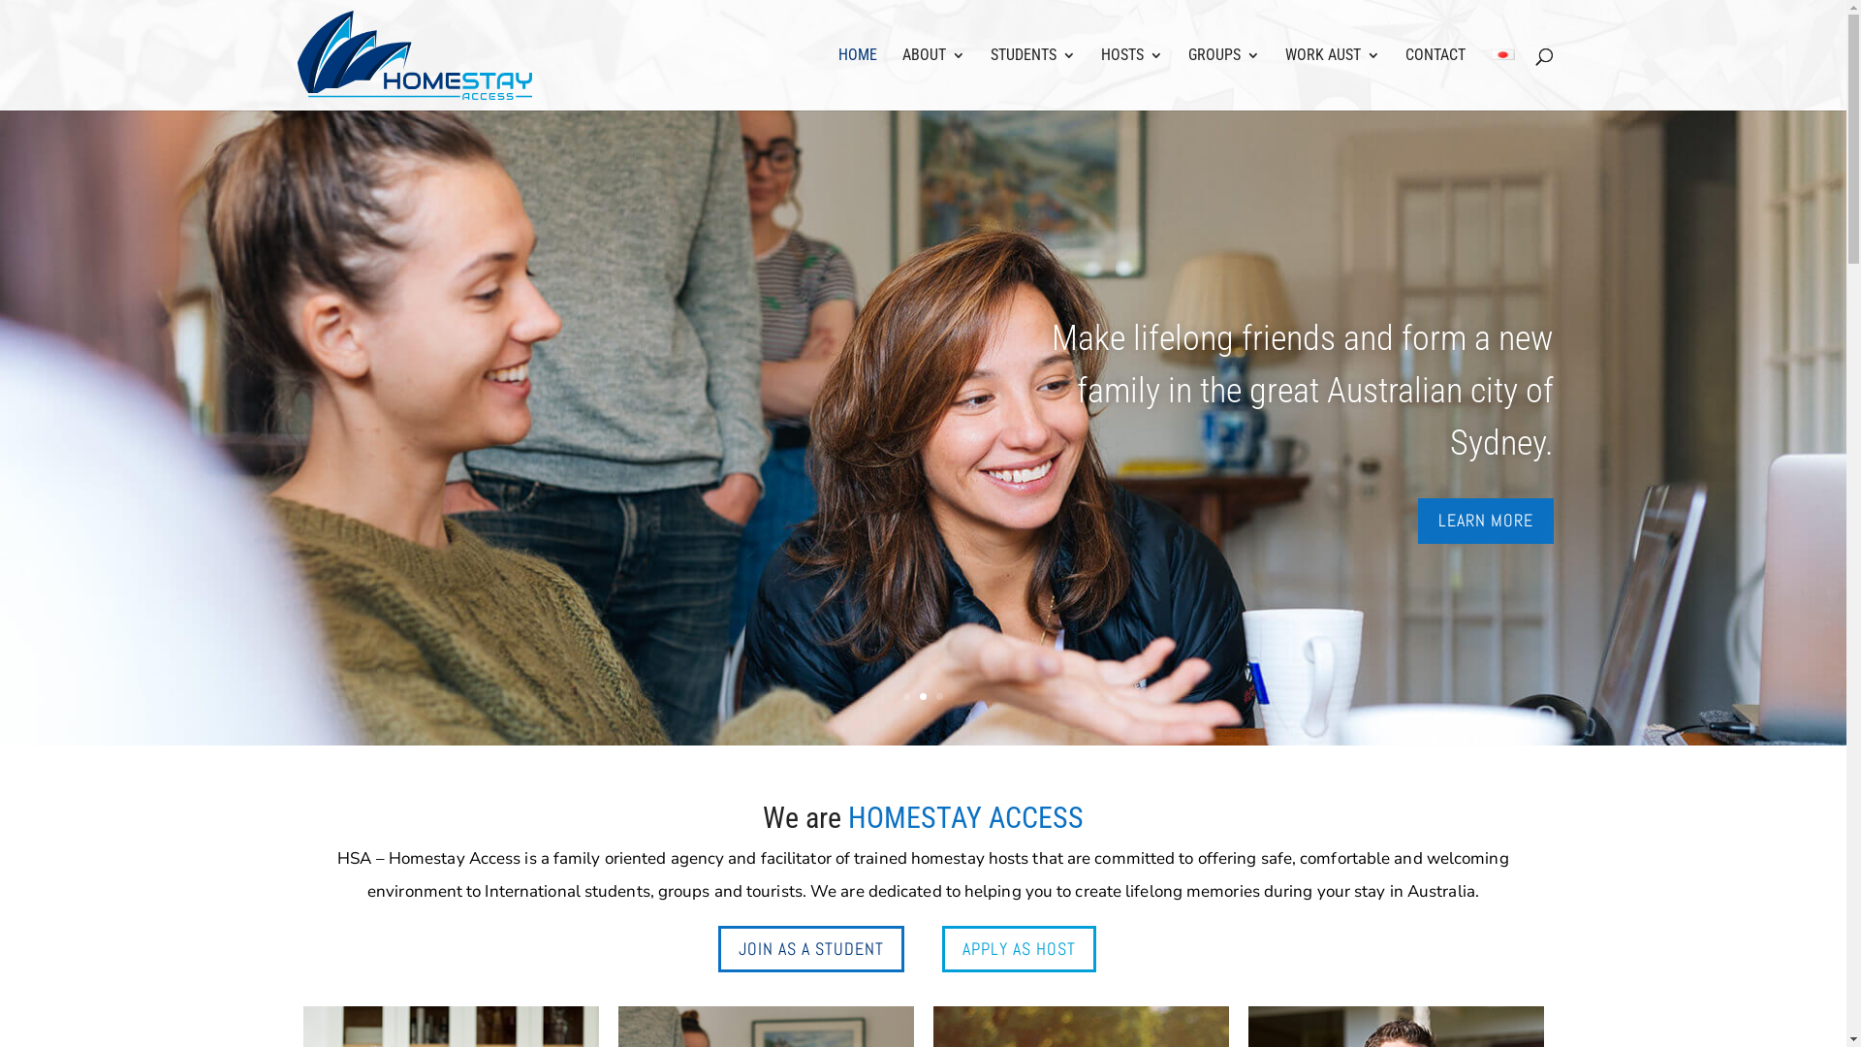 The image size is (1861, 1047). Describe the element at coordinates (1331, 78) in the screenshot. I see `'WORK AUST'` at that location.